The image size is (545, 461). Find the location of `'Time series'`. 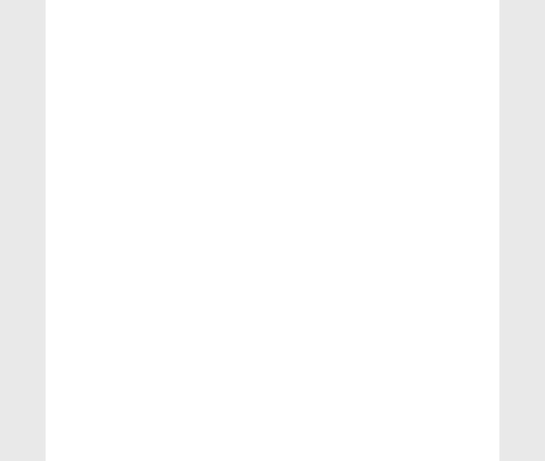

'Time series' is located at coordinates (407, 285).